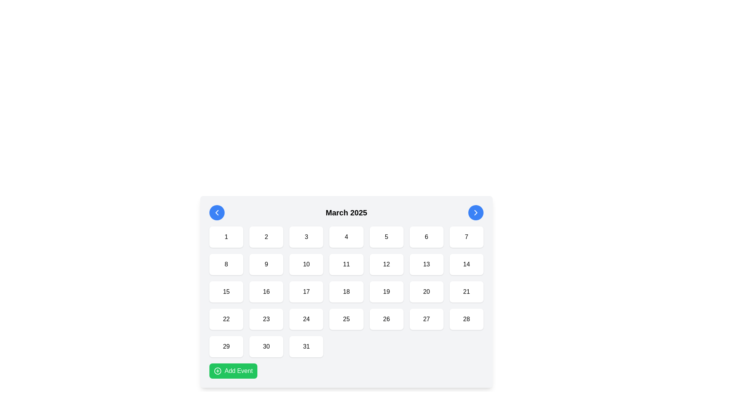 Image resolution: width=731 pixels, height=411 pixels. Describe the element at coordinates (346, 237) in the screenshot. I see `the calendar date button representing '4' in the March 2025 calendar interface` at that location.